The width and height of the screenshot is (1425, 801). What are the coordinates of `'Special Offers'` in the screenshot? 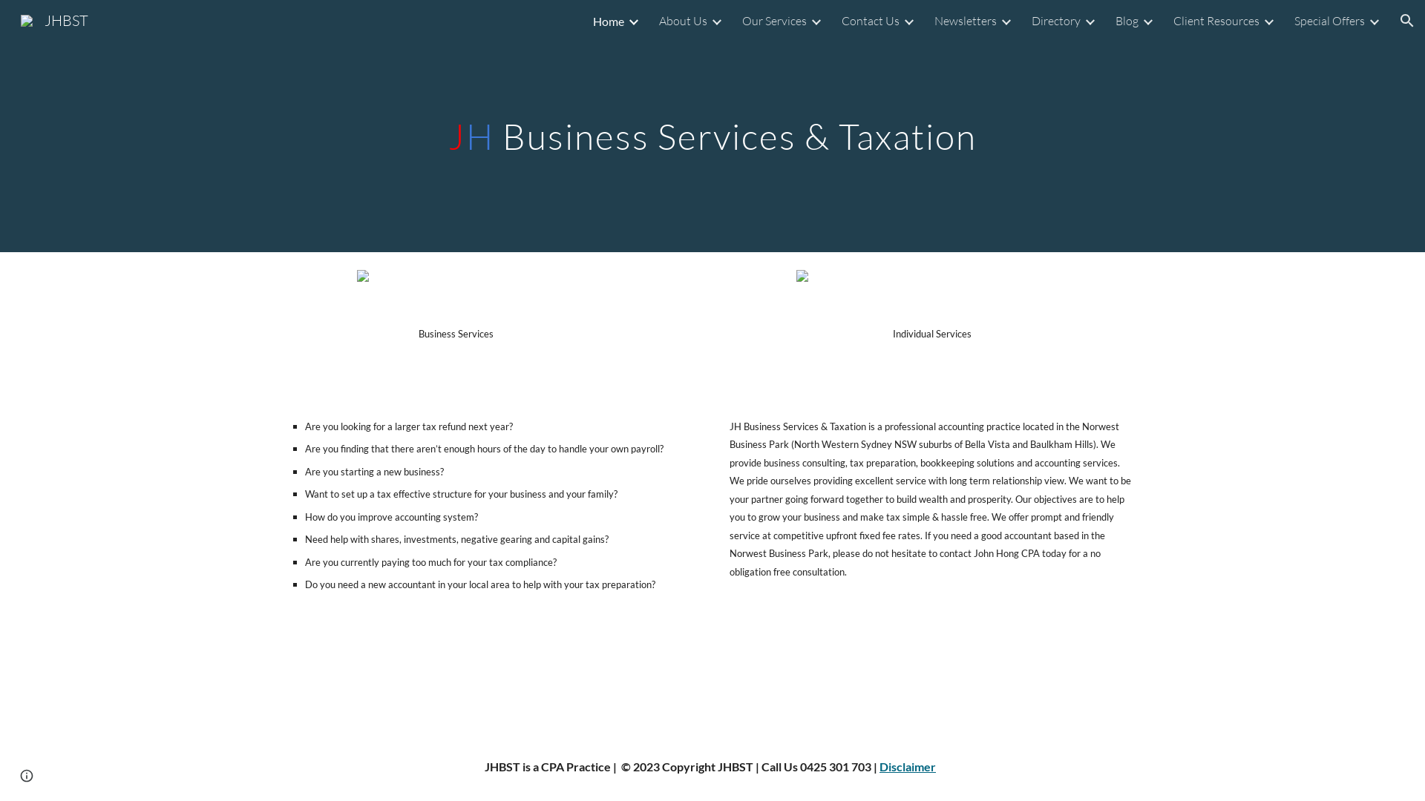 It's located at (1329, 20).